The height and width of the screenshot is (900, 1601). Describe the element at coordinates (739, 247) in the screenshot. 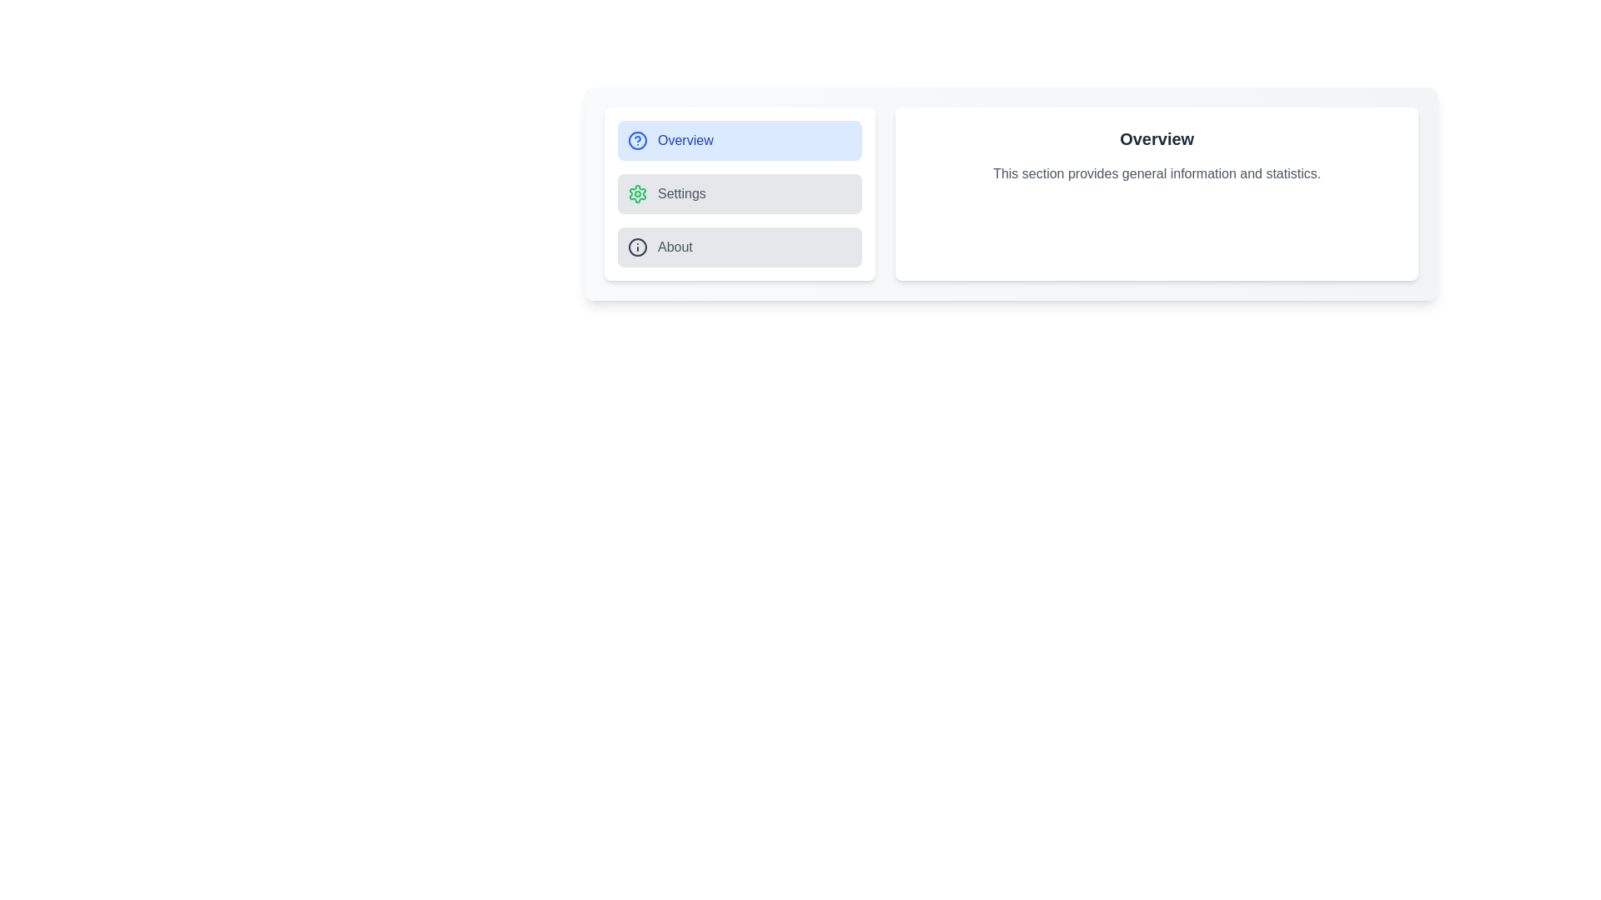

I see `the About tab to display its content in the main section` at that location.